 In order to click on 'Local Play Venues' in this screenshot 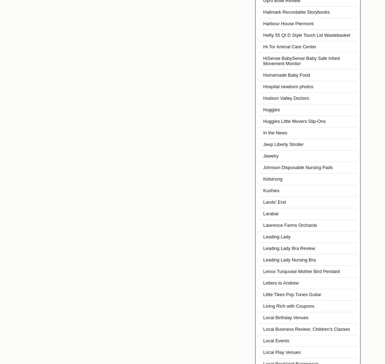, I will do `click(281, 352)`.